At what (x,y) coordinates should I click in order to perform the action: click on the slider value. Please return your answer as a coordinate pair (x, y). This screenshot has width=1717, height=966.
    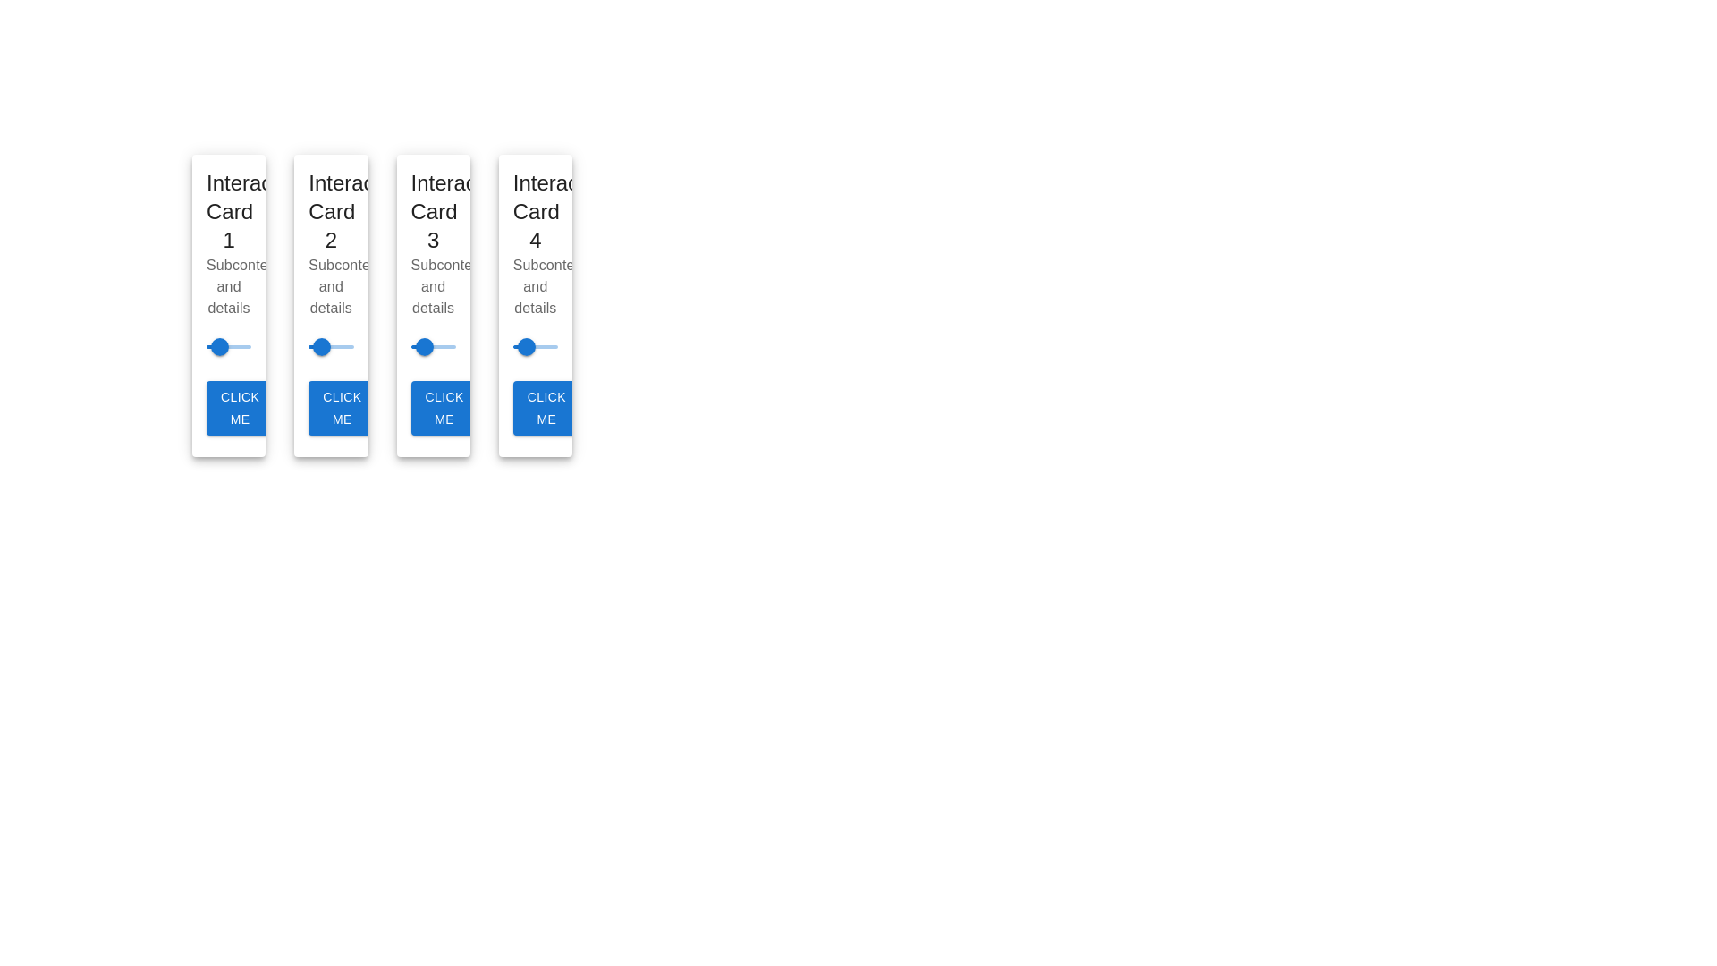
    Looking at the image, I should click on (445, 347).